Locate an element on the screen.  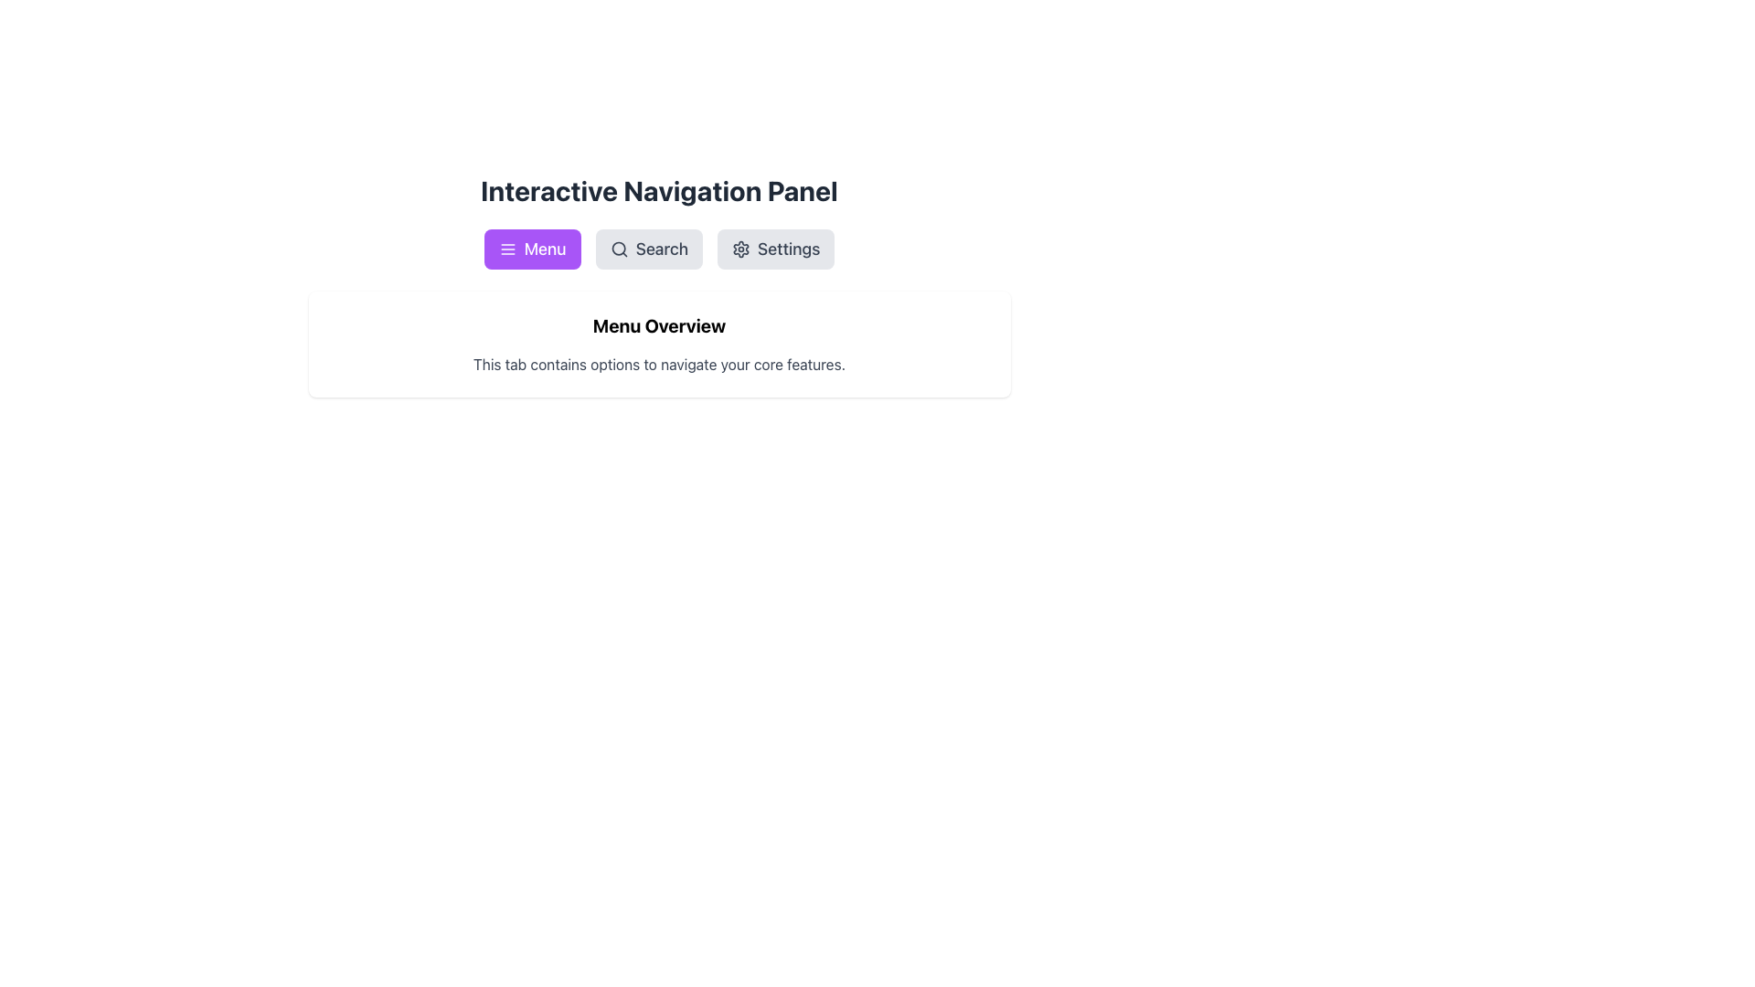
the 'Menu' button, which is a vibrant purple rectangular button with white text, located is located at coordinates (531, 249).